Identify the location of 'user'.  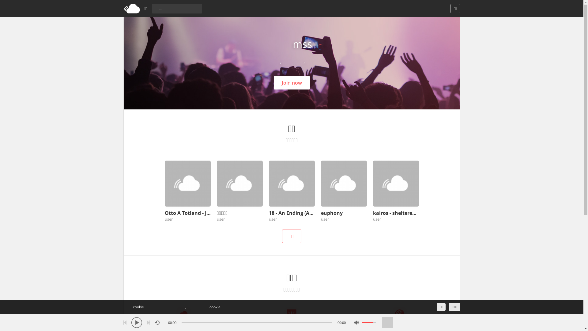
(324, 219).